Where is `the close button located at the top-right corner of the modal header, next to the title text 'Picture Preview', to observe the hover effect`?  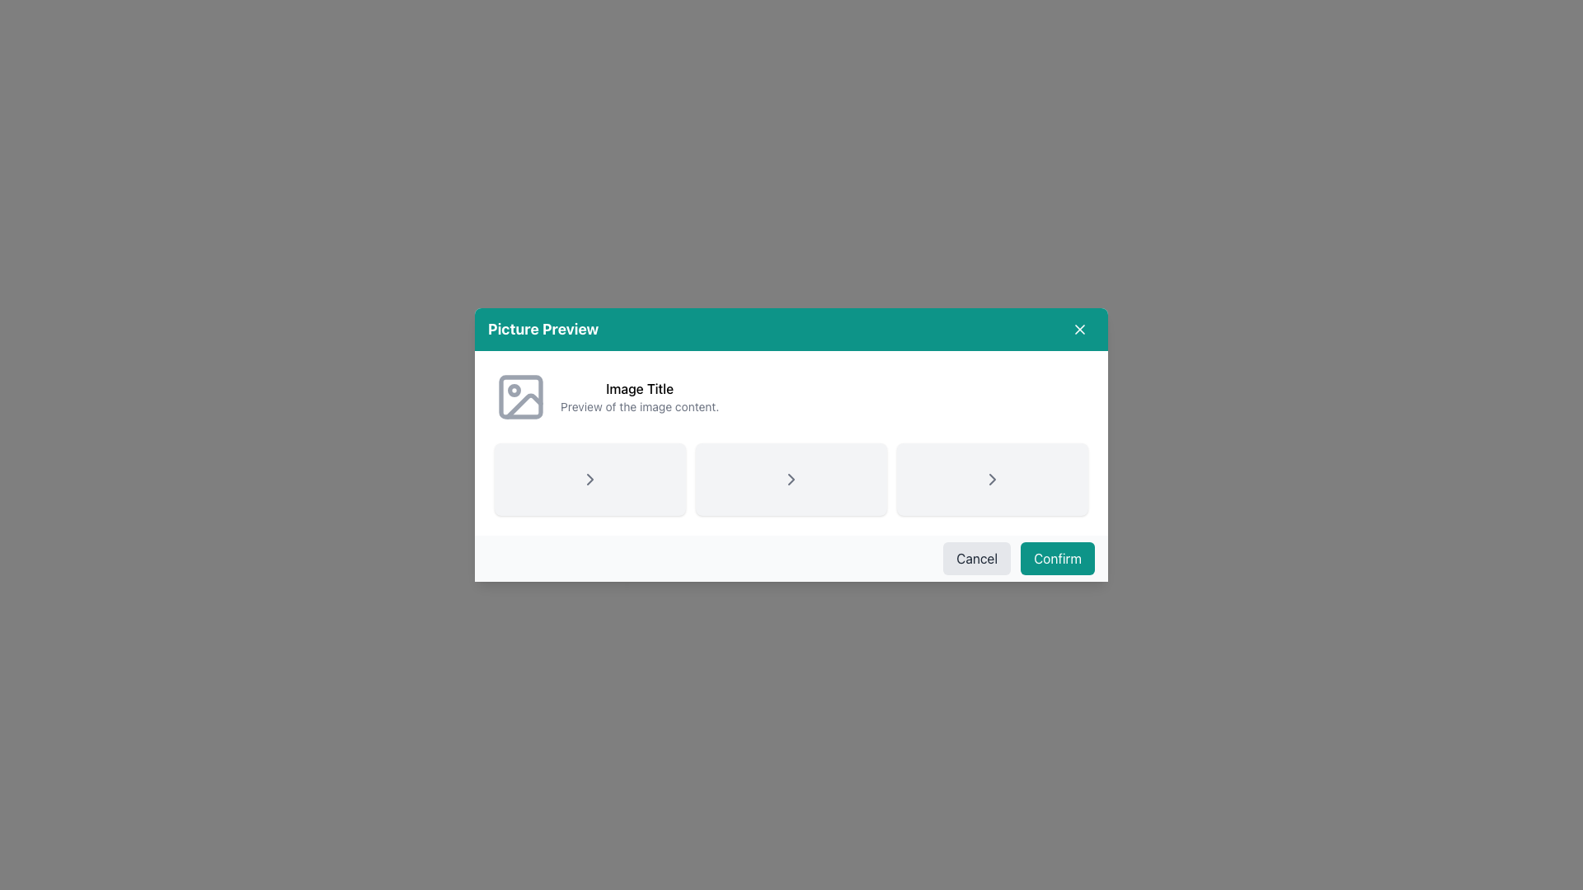 the close button located at the top-right corner of the modal header, next to the title text 'Picture Preview', to observe the hover effect is located at coordinates (1080, 330).